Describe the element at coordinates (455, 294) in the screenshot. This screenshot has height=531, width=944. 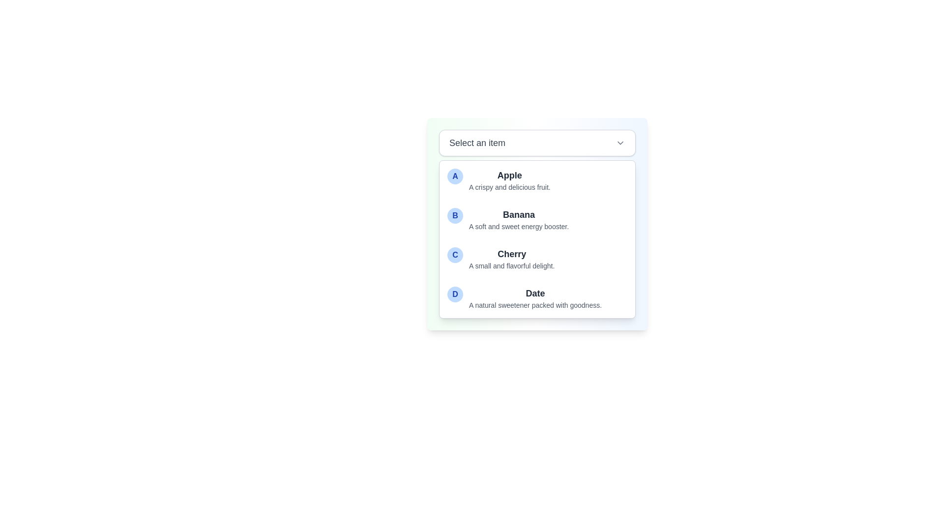
I see `the decorative icon representing the 'Date' item in the selectable list, which is positioned at the very left of the 'Date' entry` at that location.